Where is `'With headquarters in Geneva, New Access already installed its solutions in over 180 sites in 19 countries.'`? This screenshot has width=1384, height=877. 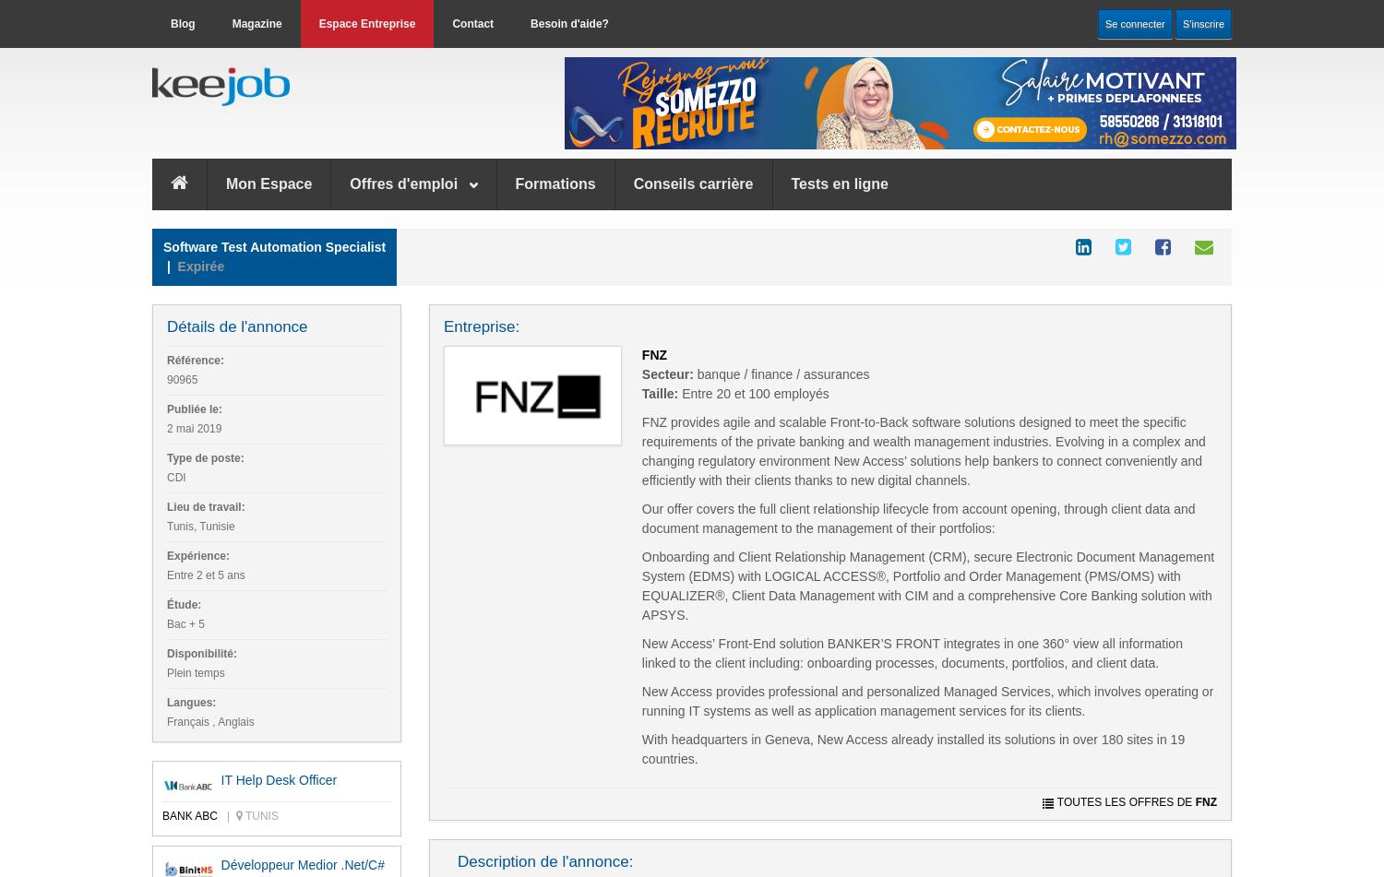
'With headquarters in Geneva, New Access already installed its solutions in over 180 sites in 19 countries.' is located at coordinates (912, 747).